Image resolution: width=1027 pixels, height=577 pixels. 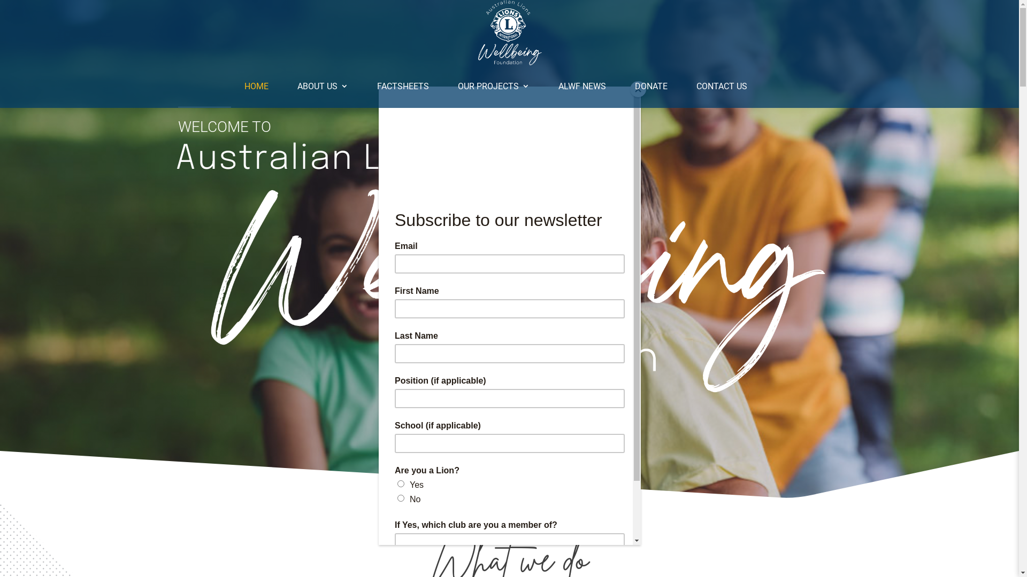 I want to click on 'Wellbeing_With_Foundation_ALWF_RBG-05', so click(x=508, y=288).